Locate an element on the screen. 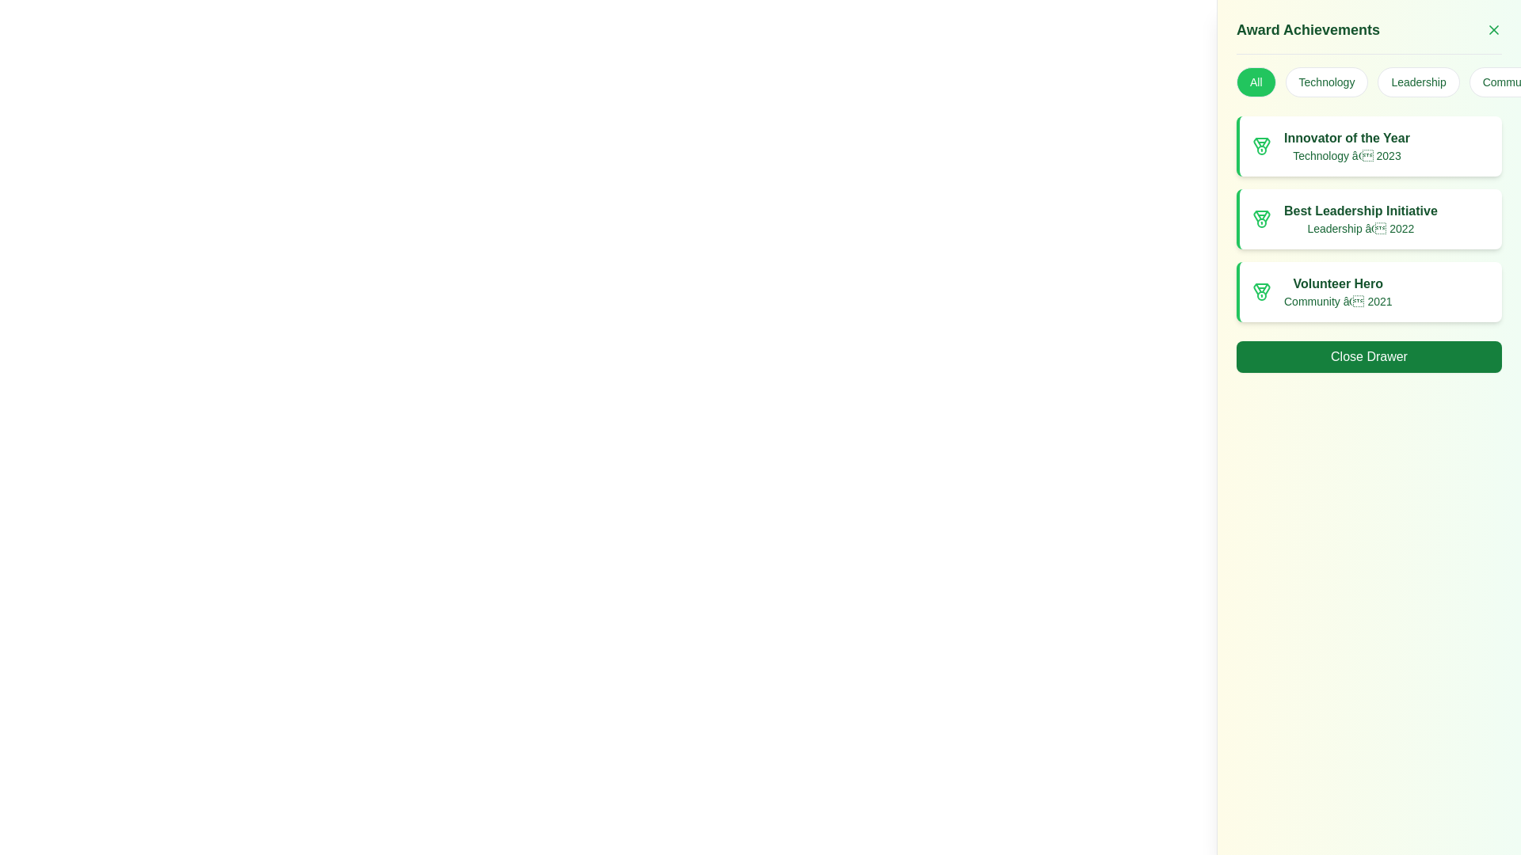  the 'Technology' filter button located in the sidebar is located at coordinates (1327, 82).